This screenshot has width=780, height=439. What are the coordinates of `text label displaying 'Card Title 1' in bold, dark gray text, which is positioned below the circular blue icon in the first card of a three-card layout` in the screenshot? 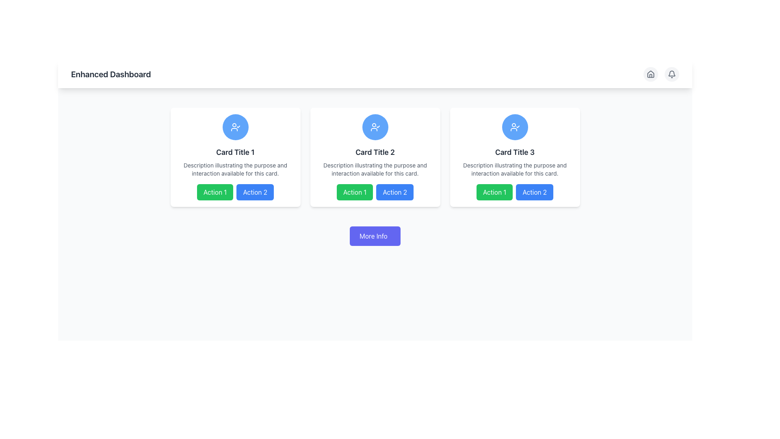 It's located at (235, 152).